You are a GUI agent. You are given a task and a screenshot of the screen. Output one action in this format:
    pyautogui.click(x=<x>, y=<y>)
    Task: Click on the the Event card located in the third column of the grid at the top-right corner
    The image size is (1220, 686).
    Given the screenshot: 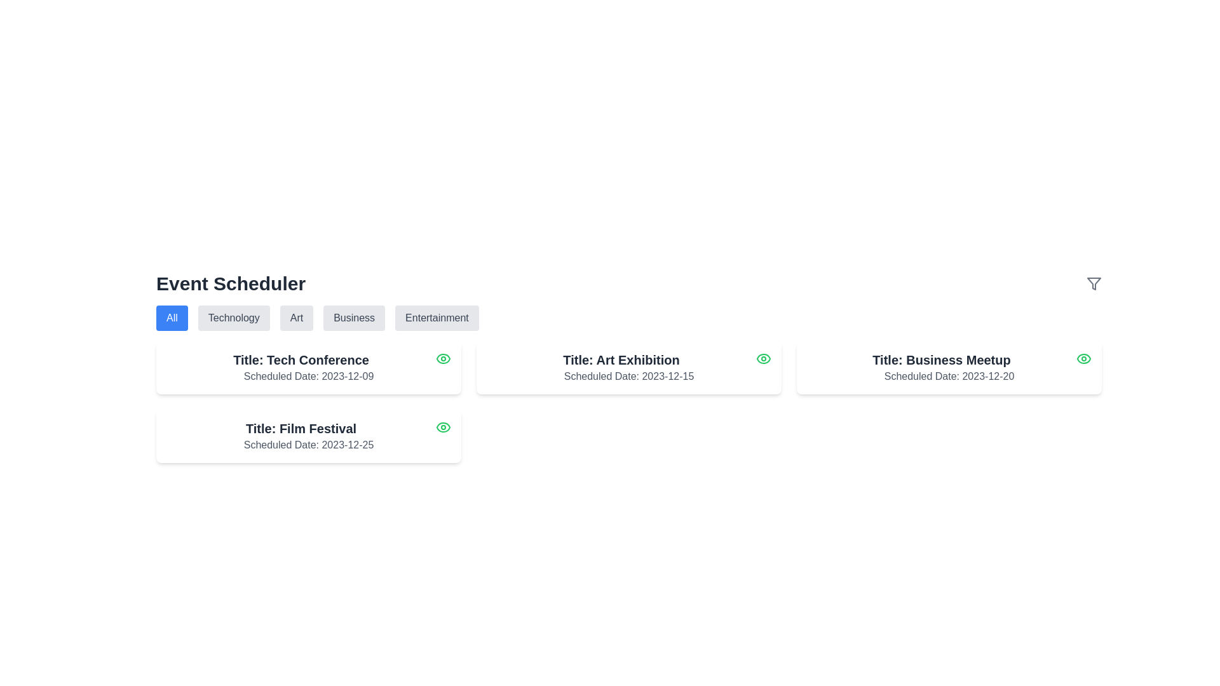 What is the action you would take?
    pyautogui.click(x=949, y=367)
    